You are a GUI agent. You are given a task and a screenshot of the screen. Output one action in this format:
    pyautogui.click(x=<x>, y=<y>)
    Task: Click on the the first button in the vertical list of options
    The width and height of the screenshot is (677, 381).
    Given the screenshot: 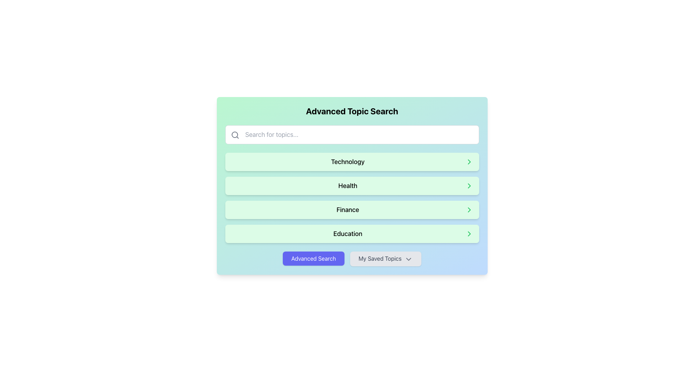 What is the action you would take?
    pyautogui.click(x=352, y=162)
    